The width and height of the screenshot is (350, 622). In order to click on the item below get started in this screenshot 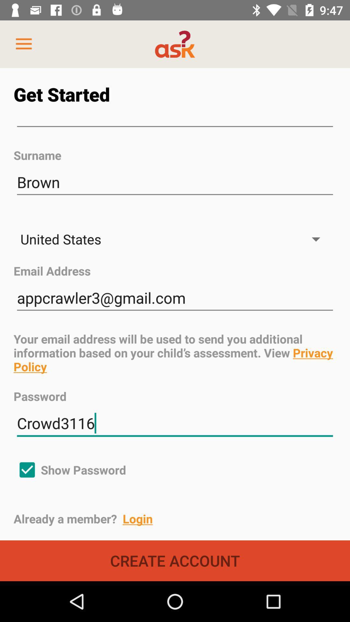, I will do `click(175, 127)`.